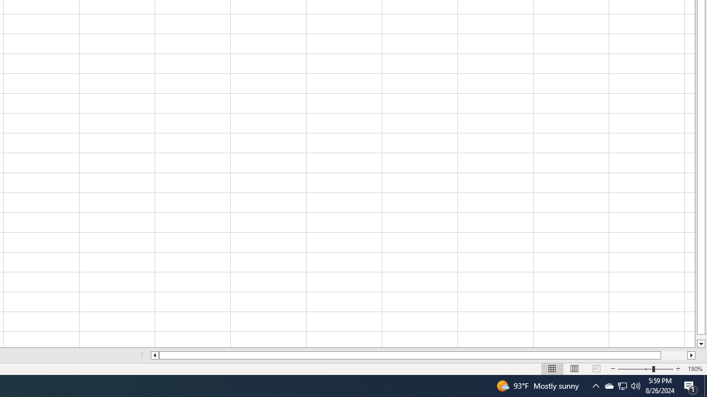  I want to click on 'Page down', so click(700, 336).